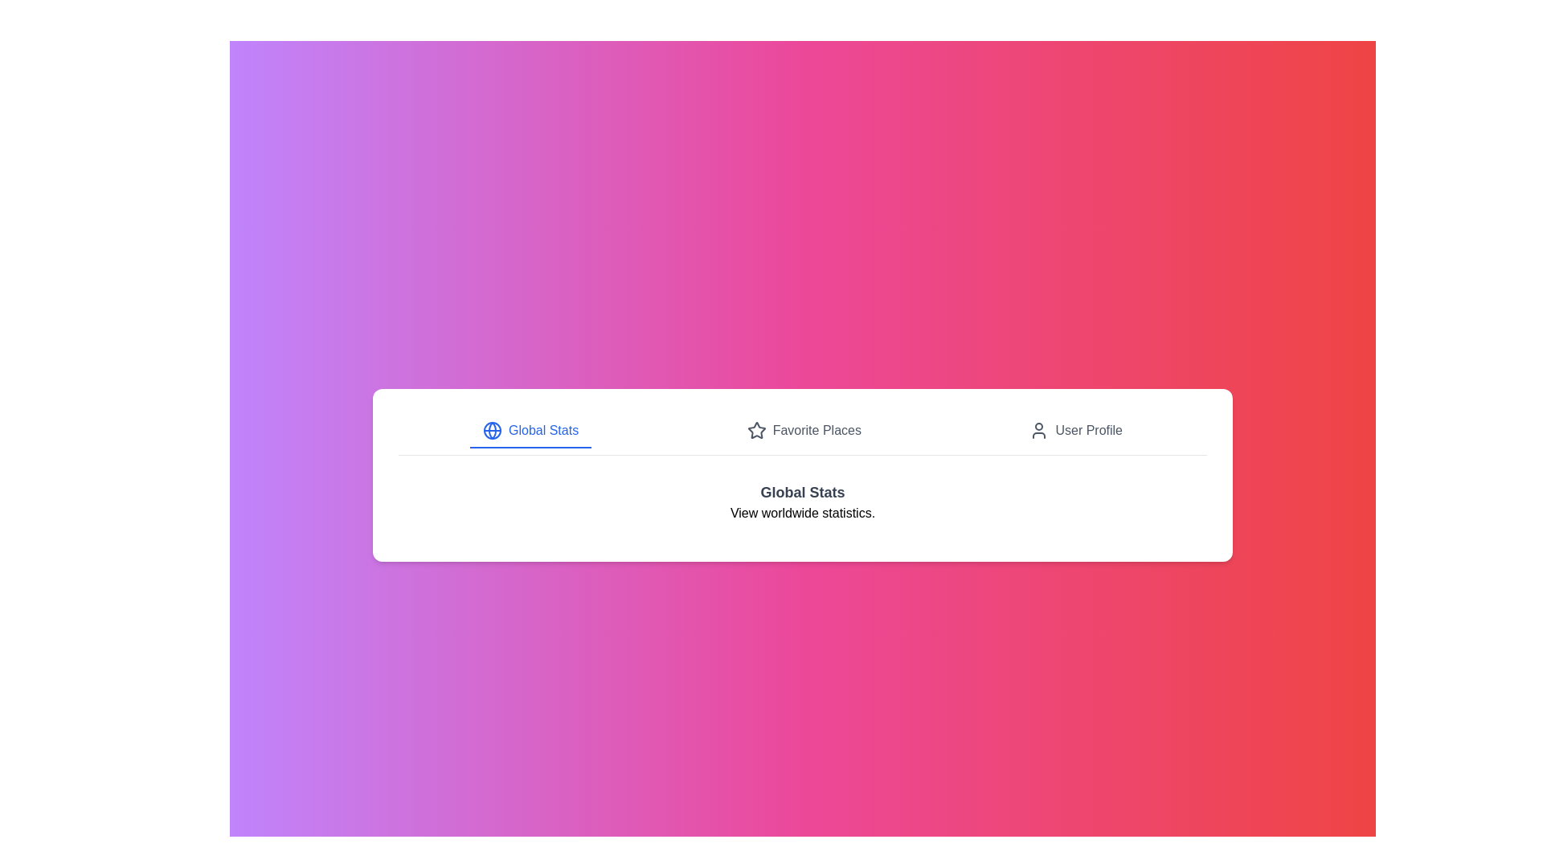  Describe the element at coordinates (755, 429) in the screenshot. I see `the star-shaped icon located in the middle section of the navigation bar, preceding the text label 'Favorite Places'` at that location.